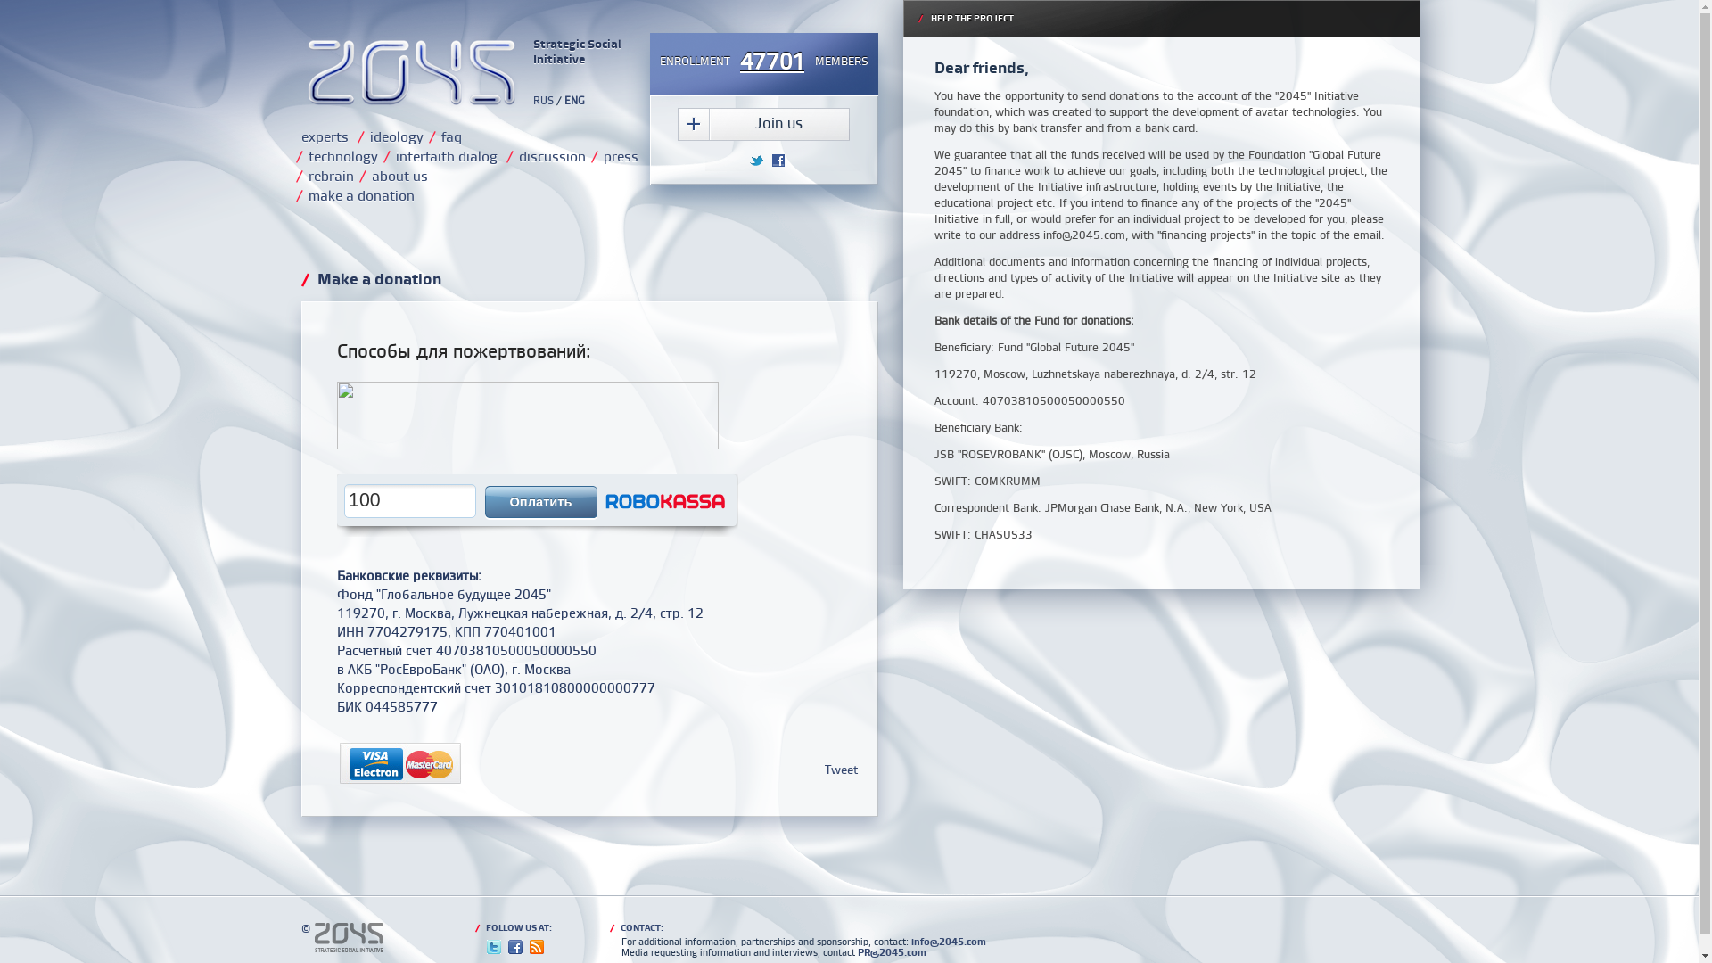 The width and height of the screenshot is (1712, 963). I want to click on 'interfaith dialog', so click(446, 154).